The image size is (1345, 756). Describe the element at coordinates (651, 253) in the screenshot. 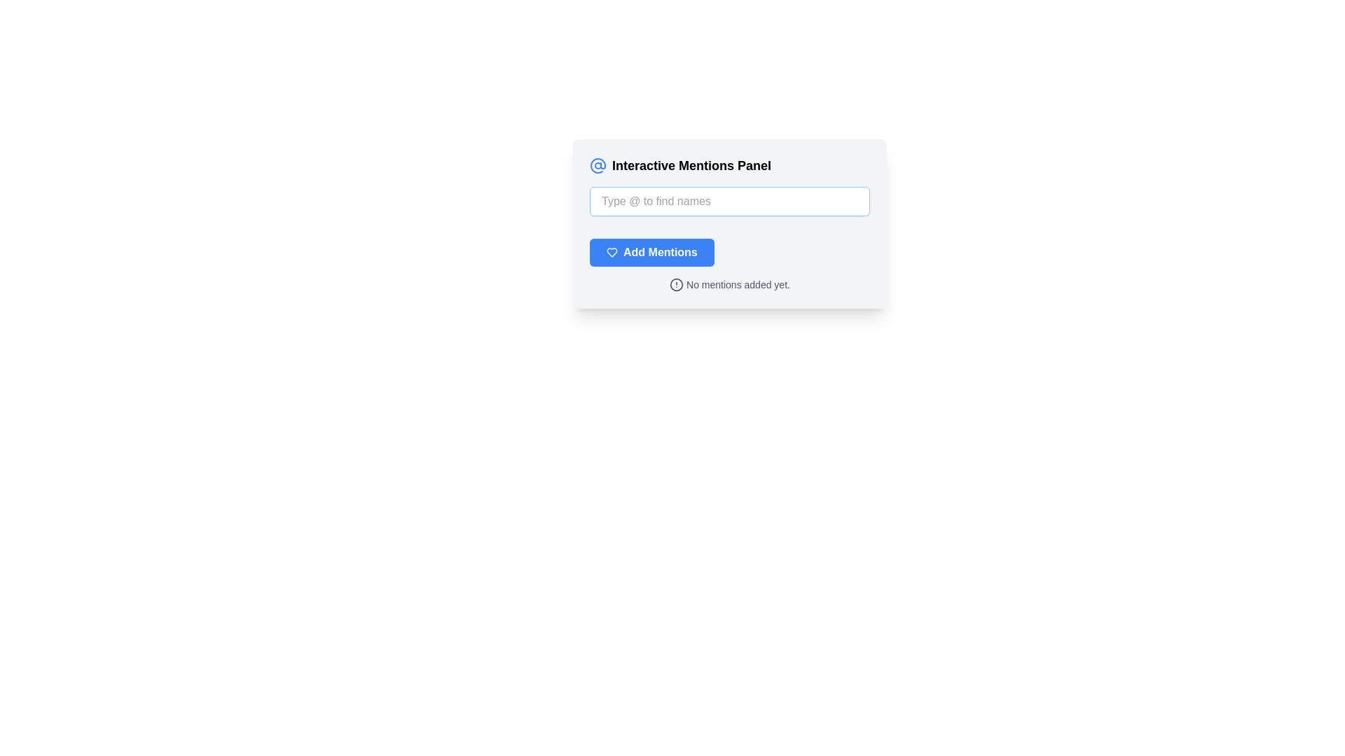

I see `the rectangular blue button labeled 'Add Mentions' with a heart outline icon` at that location.